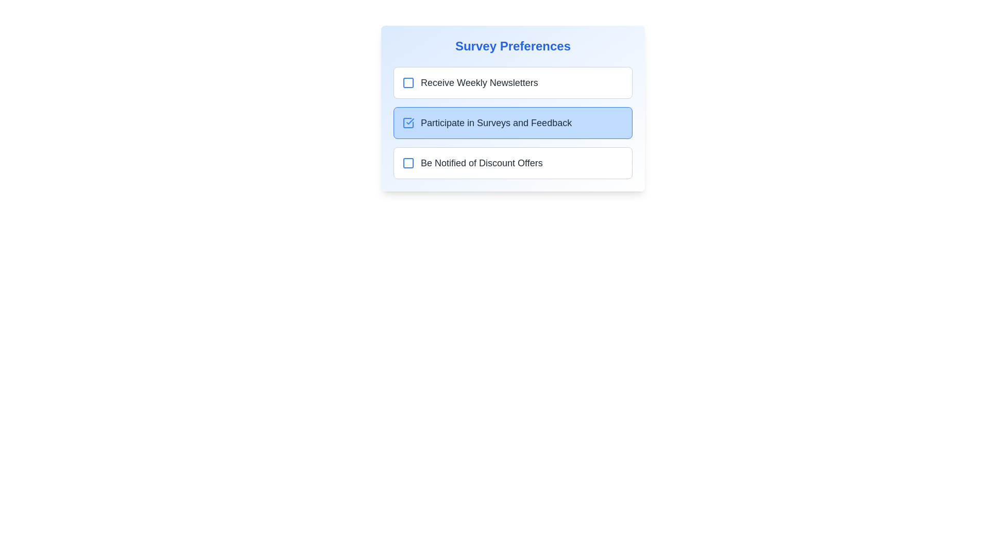 Image resolution: width=989 pixels, height=556 pixels. I want to click on the text label displaying 'Participate in Surveys and Feedback' which is part of the 'Survey Preferences' panel and is the second item in the list, so click(496, 123).